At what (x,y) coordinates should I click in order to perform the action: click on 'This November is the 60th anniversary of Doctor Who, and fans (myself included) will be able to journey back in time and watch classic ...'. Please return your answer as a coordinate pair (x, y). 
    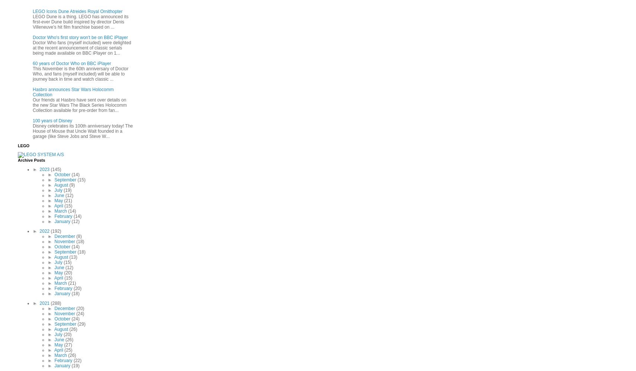
    Looking at the image, I should click on (80, 74).